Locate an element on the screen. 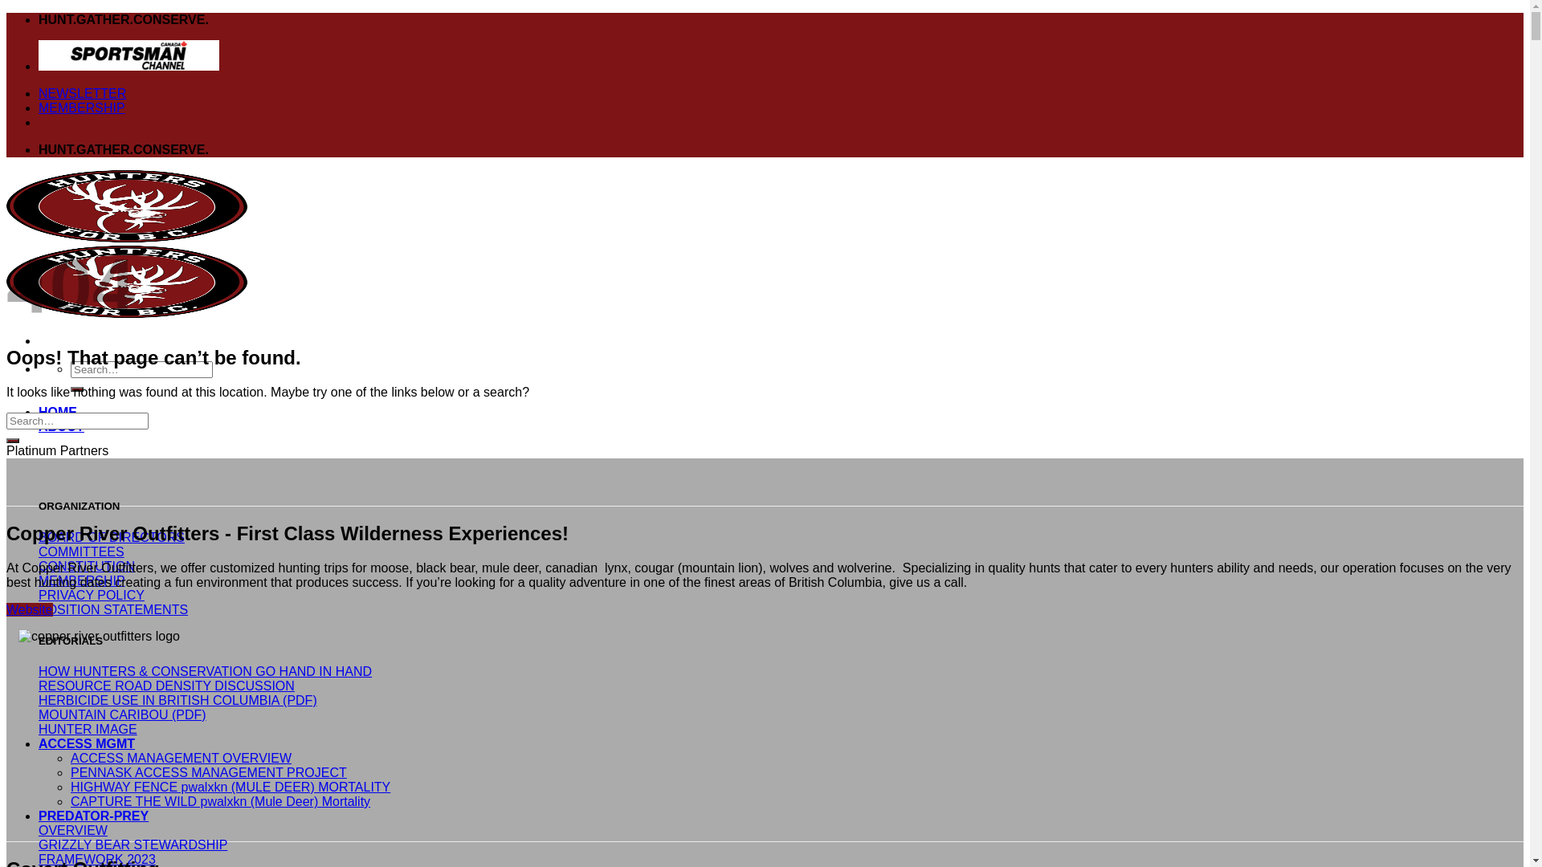 Image resolution: width=1542 pixels, height=867 pixels. 'GRIZZLY BEAR STEWARDSHIP FRAMEWORK 2023' is located at coordinates (39, 851).